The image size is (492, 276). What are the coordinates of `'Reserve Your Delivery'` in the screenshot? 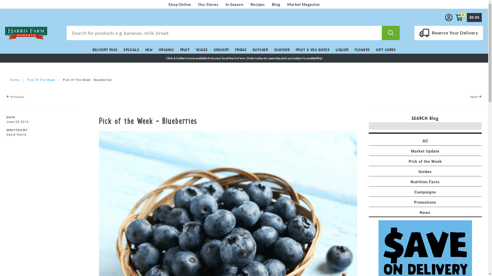 It's located at (448, 35).